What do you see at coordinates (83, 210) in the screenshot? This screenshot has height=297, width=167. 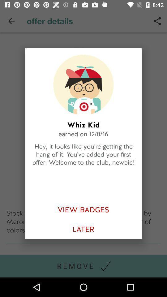 I see `the view badges` at bounding box center [83, 210].